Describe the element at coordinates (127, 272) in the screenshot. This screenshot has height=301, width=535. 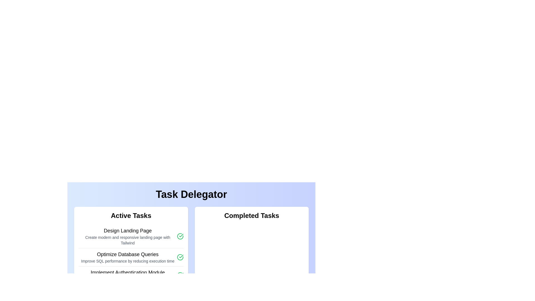
I see `text of the Label or Header indicating the task title in the 'Active Tasks' section under 'Task Delegator', located below 'Optimize Database Queries'` at that location.